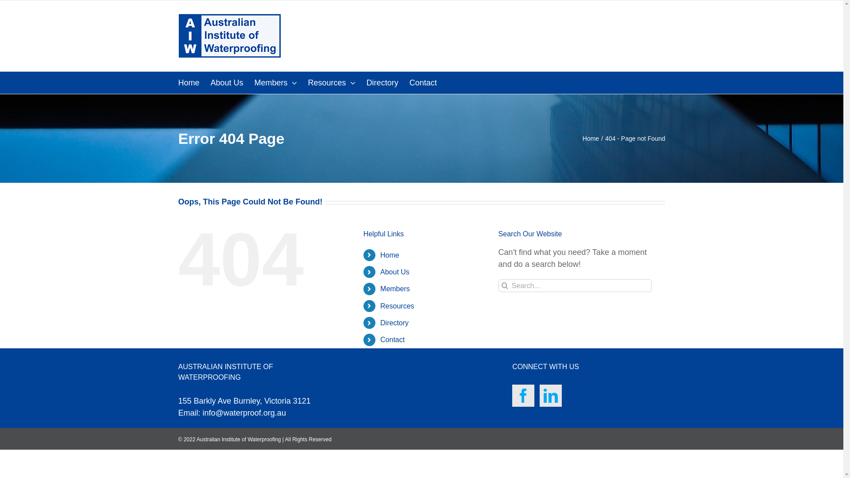  I want to click on 'About Us', so click(227, 82).